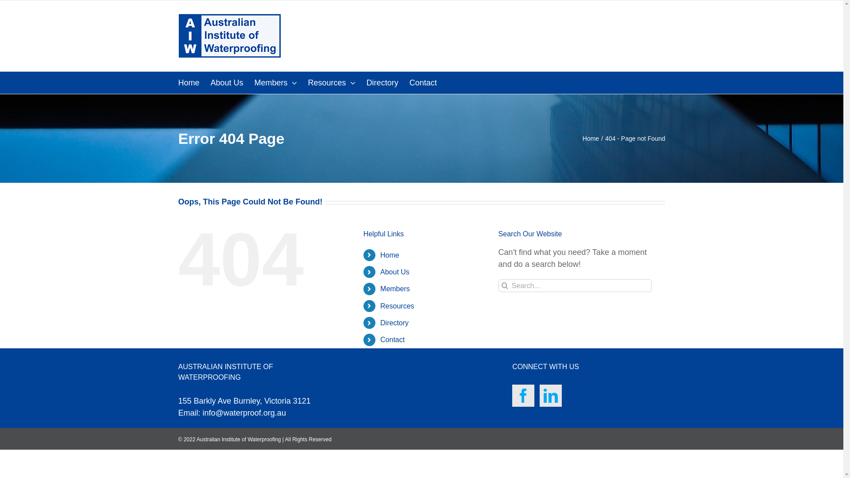  I want to click on 'About Us', so click(227, 82).